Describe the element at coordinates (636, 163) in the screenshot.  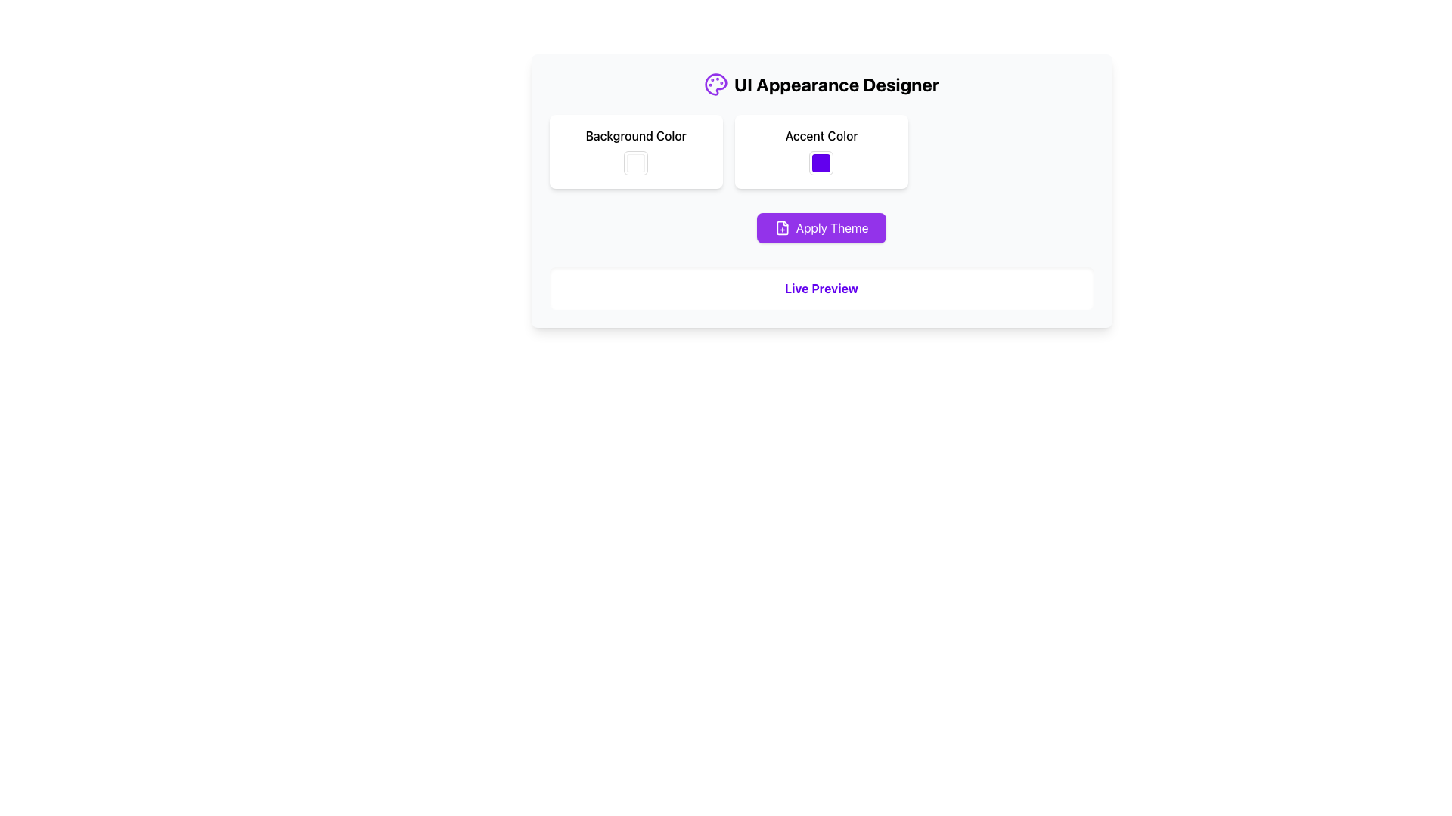
I see `the small rectangular color block indicator located within the 'Background Color' box in the 'UI Appearance Designer' control panel` at that location.